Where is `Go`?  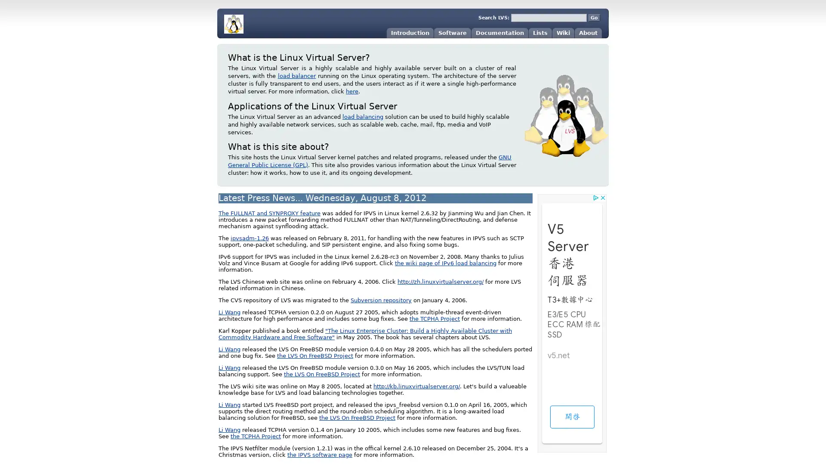
Go is located at coordinates (594, 18).